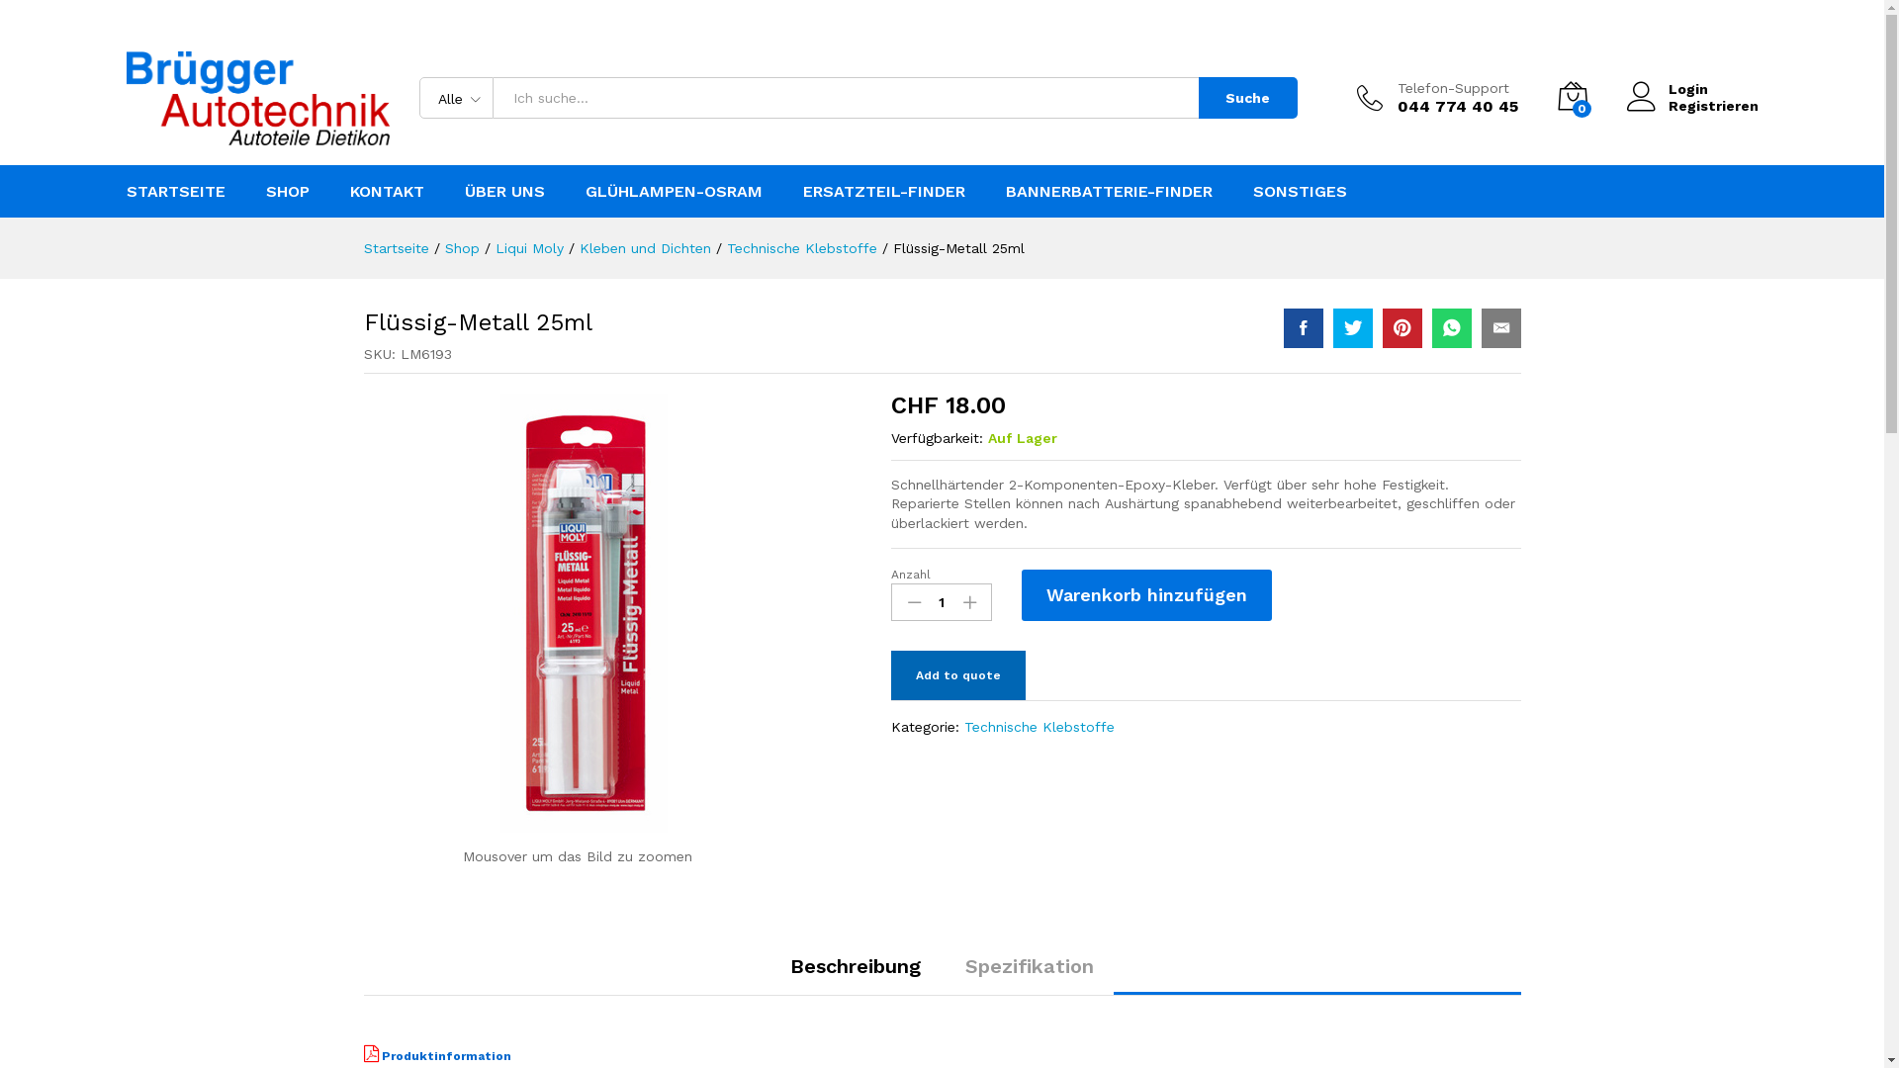 The width and height of the screenshot is (1899, 1068). I want to click on 'ERSATZTEIL-FINDER', so click(882, 191).